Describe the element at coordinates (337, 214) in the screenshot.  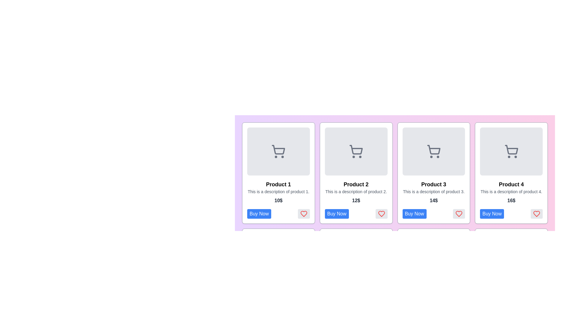
I see `the purchase button for 'Product 2'` at that location.